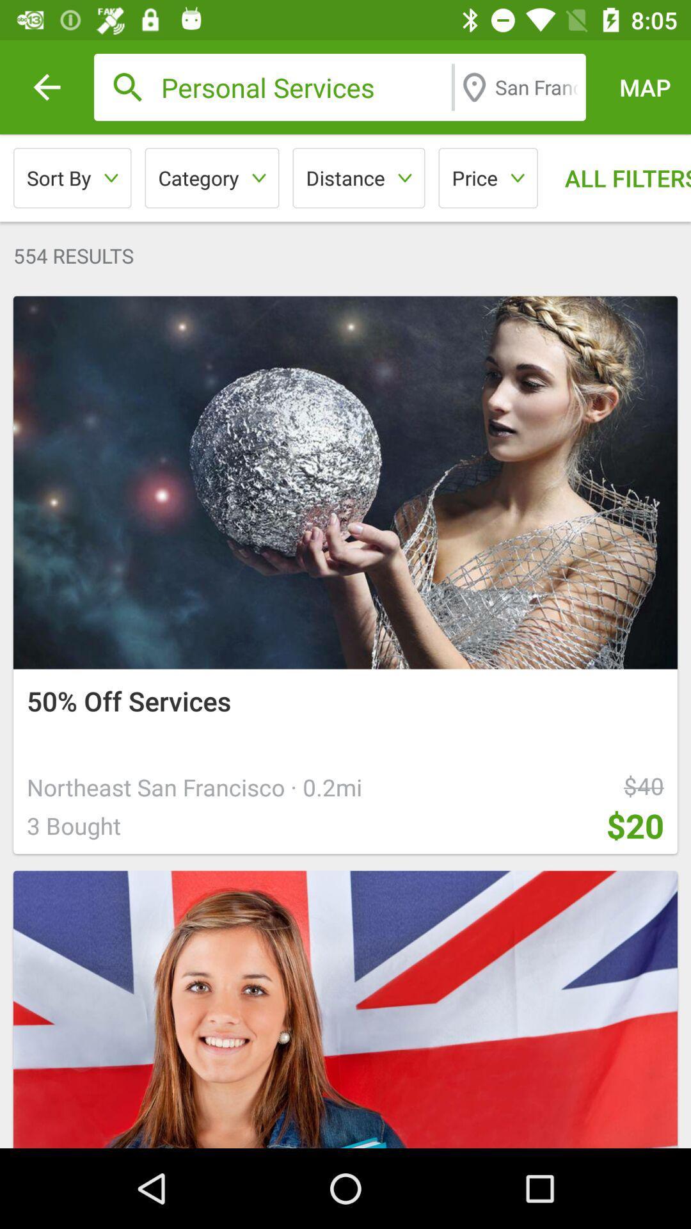 The image size is (691, 1229). I want to click on icon to the left of price, so click(358, 177).